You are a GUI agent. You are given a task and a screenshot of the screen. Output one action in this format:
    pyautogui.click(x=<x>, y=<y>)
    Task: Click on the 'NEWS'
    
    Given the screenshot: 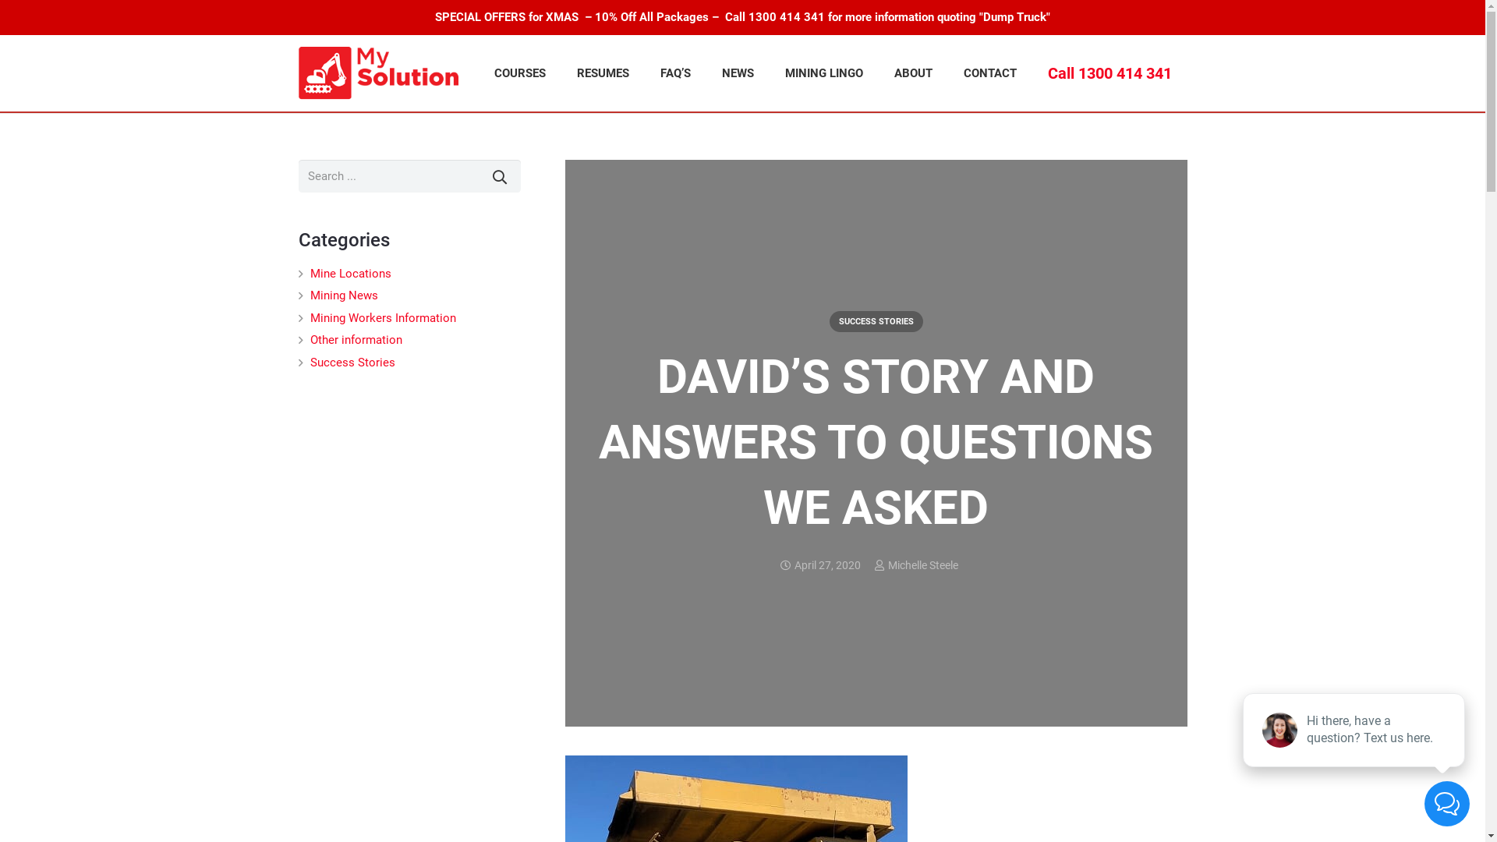 What is the action you would take?
    pyautogui.click(x=706, y=73)
    